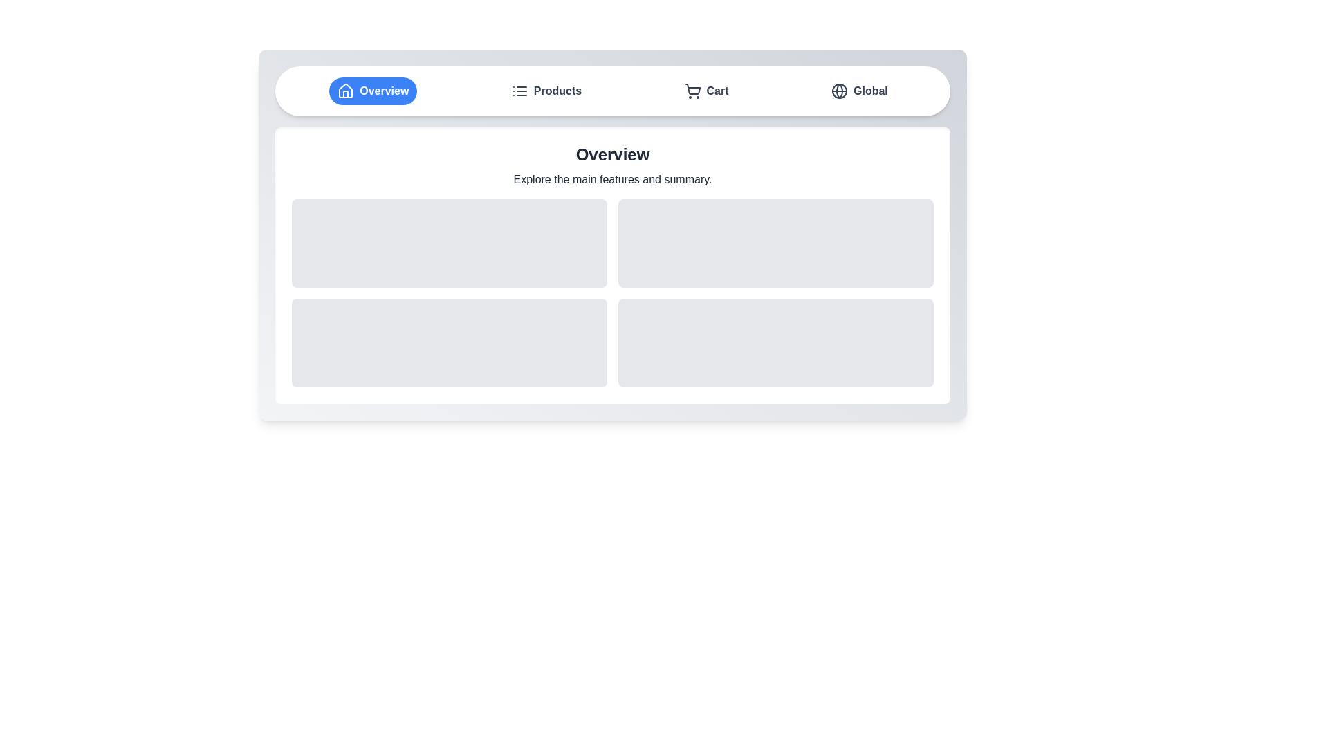 This screenshot has width=1328, height=747. What do you see at coordinates (373, 91) in the screenshot?
I see `the Overview tab to observe visual feedback` at bounding box center [373, 91].